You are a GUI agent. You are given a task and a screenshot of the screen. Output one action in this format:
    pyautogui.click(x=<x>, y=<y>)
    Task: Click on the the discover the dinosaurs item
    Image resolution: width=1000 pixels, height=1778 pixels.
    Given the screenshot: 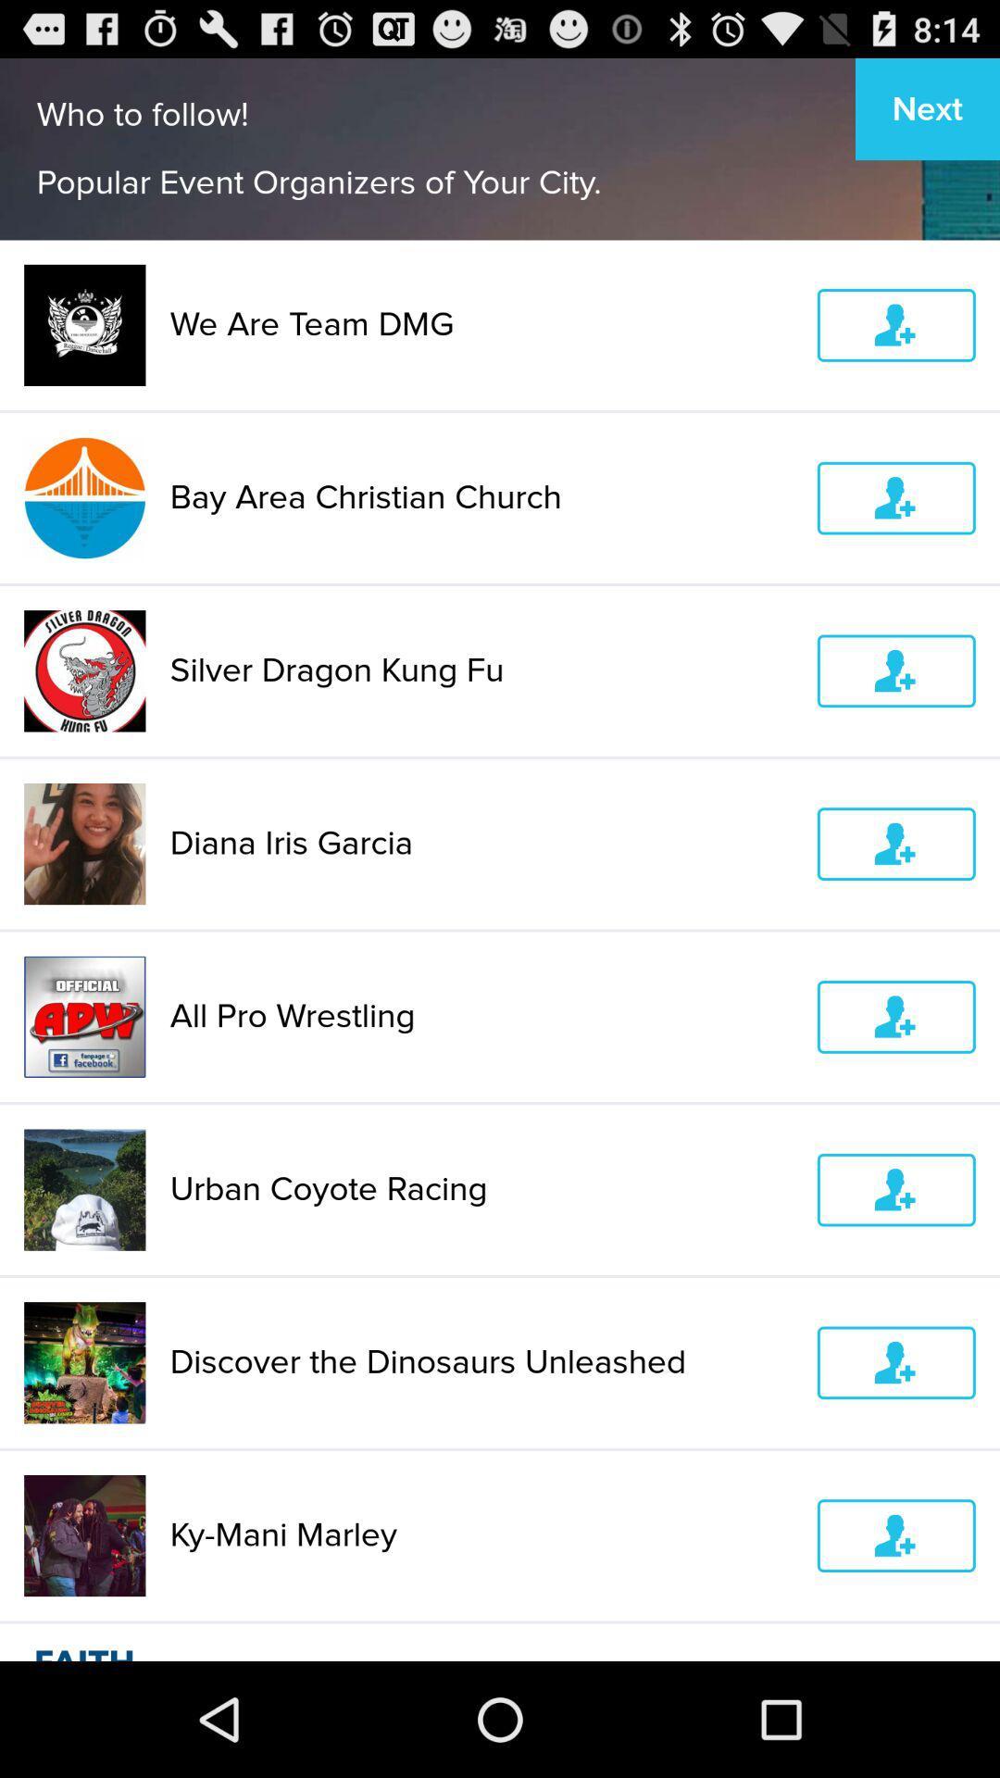 What is the action you would take?
    pyautogui.click(x=481, y=1362)
    